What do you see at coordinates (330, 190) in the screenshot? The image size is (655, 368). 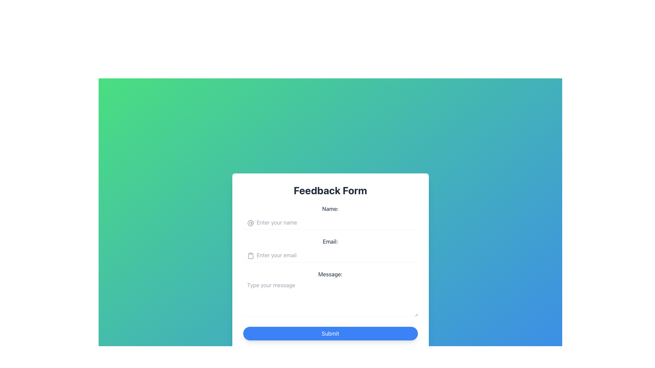 I see `the prominently displayed 'Feedback Form' header text, which is styled in a large, bold font and centered at the top of the form` at bounding box center [330, 190].